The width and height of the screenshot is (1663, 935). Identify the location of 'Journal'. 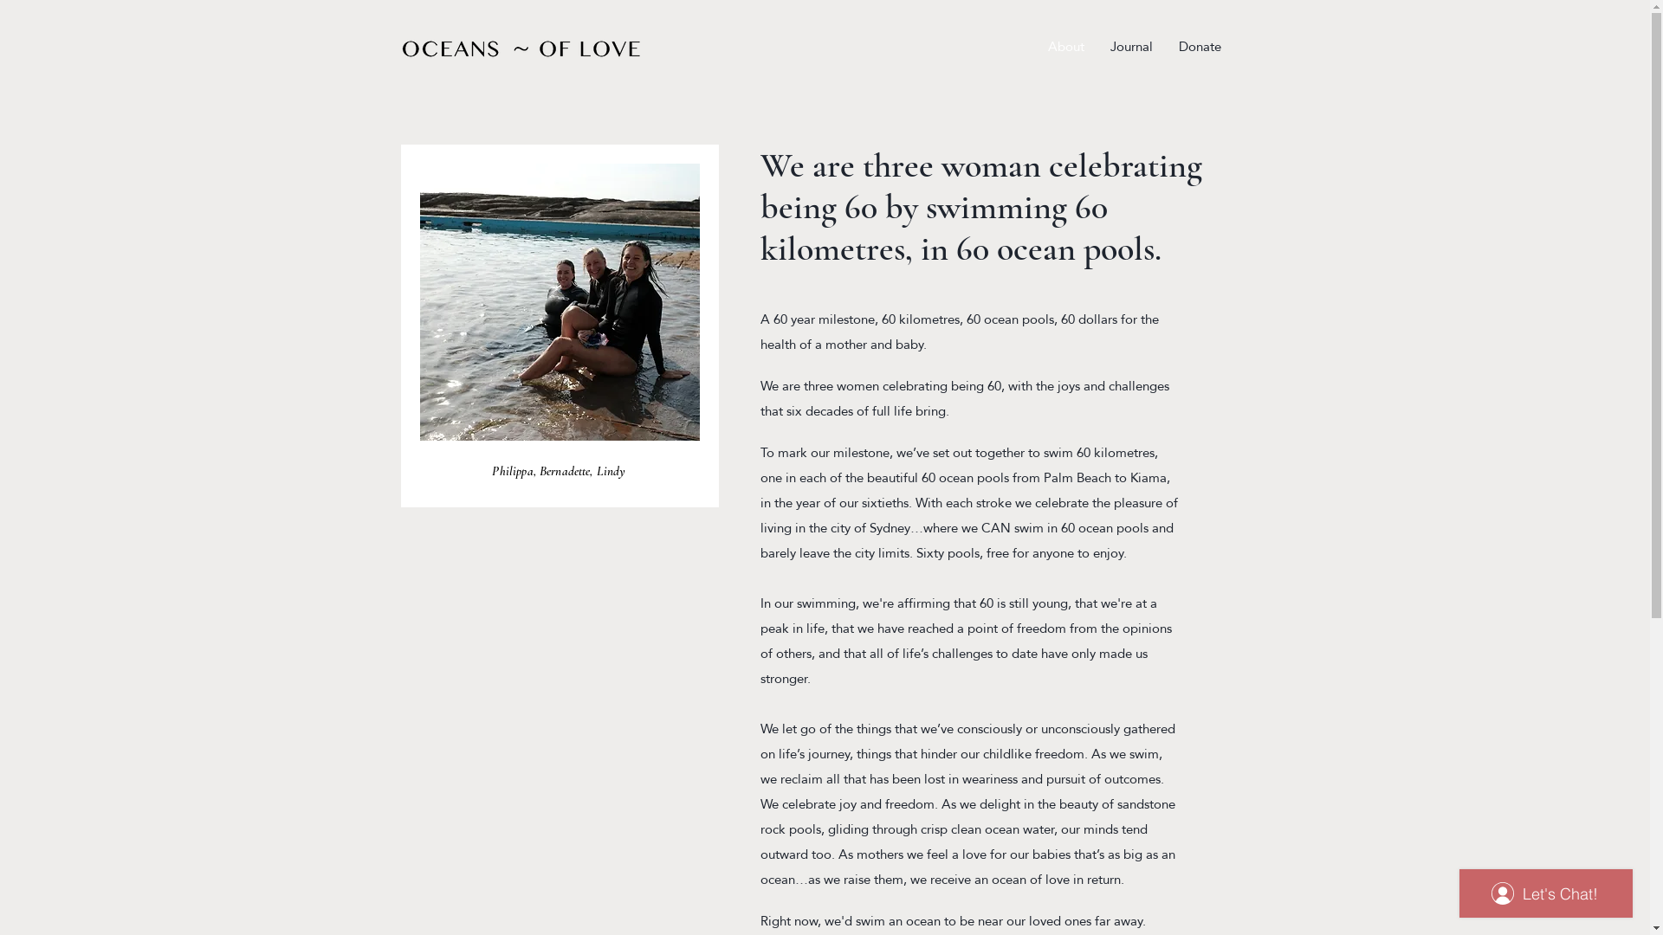
(1130, 46).